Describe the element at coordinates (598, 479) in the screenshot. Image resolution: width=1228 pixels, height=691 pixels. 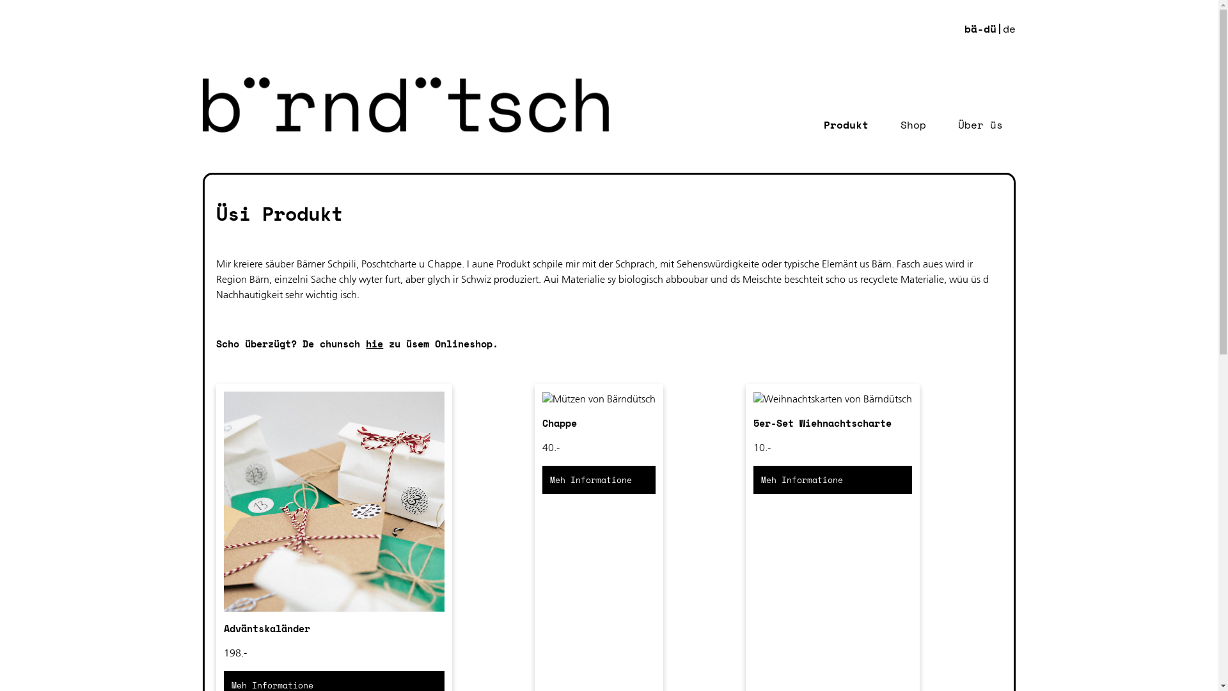
I see `'Meh Informatione'` at that location.